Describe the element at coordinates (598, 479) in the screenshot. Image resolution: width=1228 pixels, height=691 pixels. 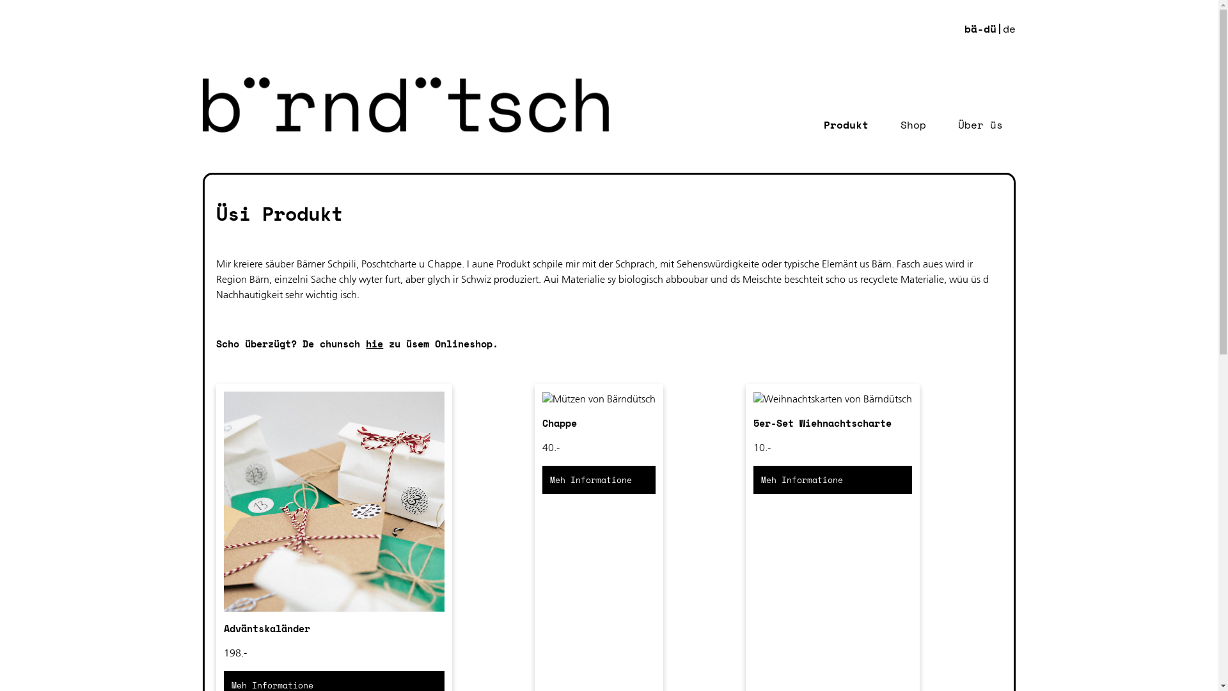
I see `'Meh Informatione'` at that location.